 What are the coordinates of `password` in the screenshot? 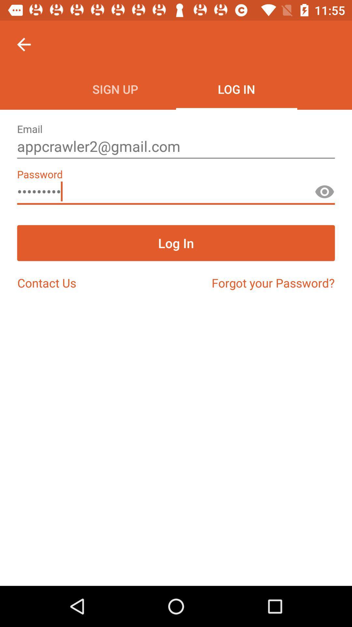 It's located at (324, 194).